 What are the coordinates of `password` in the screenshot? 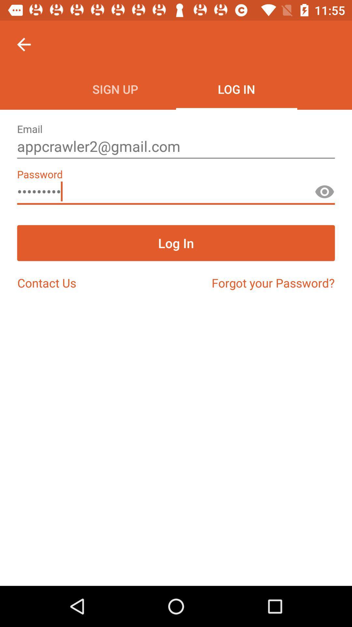 It's located at (324, 194).